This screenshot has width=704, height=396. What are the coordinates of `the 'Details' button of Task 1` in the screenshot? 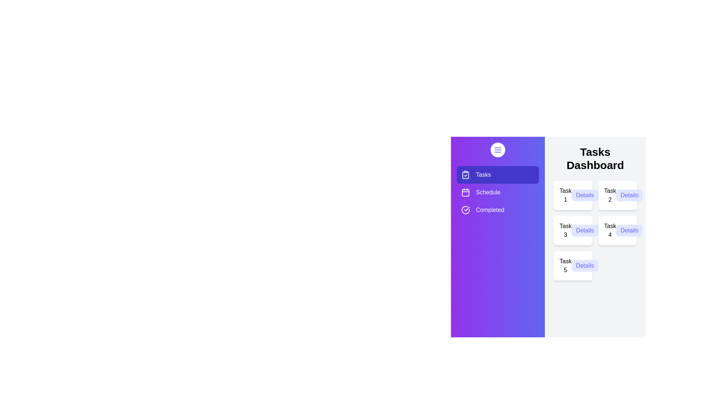 It's located at (584, 195).